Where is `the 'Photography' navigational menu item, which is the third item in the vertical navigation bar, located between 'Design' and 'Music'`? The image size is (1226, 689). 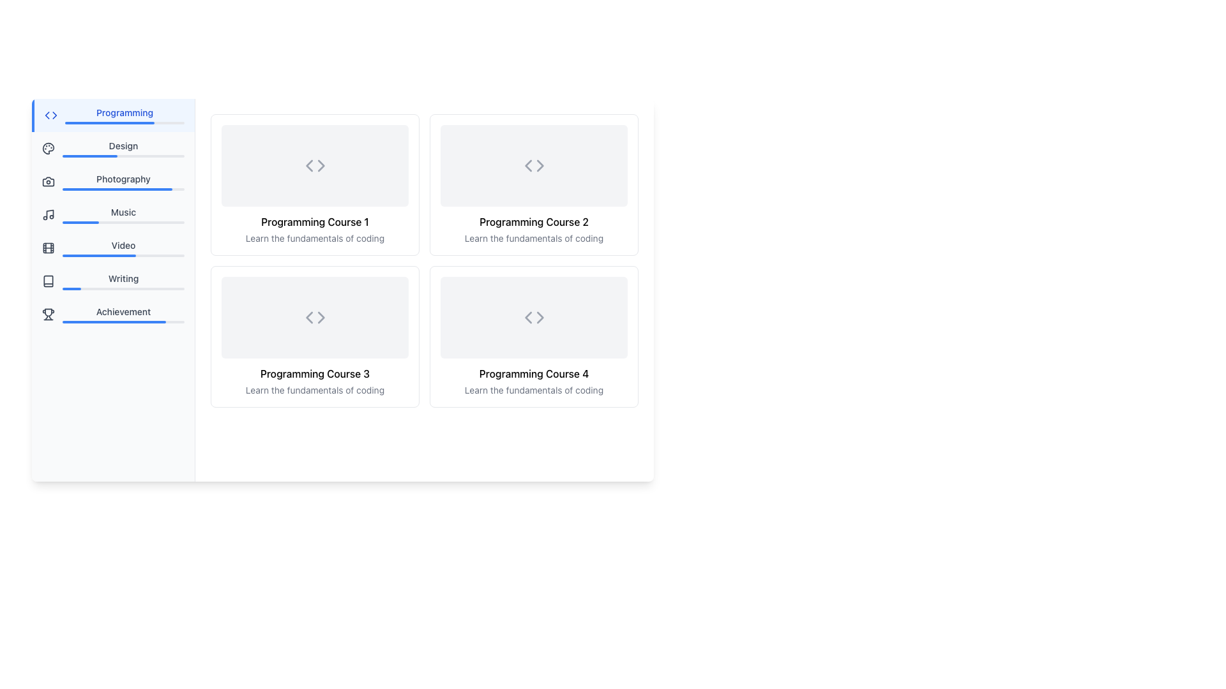
the 'Photography' navigational menu item, which is the third item in the vertical navigation bar, located between 'Design' and 'Music' is located at coordinates (123, 182).